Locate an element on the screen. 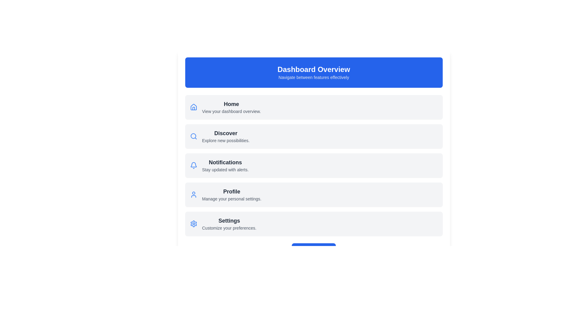 The width and height of the screenshot is (583, 328). the notifications icon located beside the 'Notifications' text in the third row of the menu, positioned between 'Discover' and 'Profile' is located at coordinates (193, 165).